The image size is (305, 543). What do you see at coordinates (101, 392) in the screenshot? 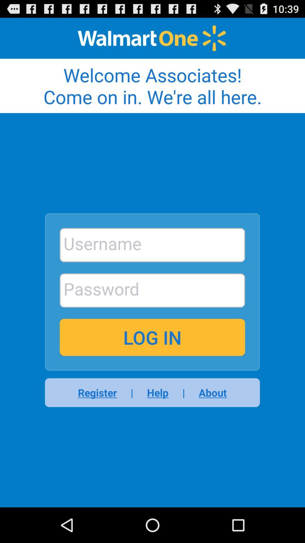
I see `the item below the log in` at bounding box center [101, 392].